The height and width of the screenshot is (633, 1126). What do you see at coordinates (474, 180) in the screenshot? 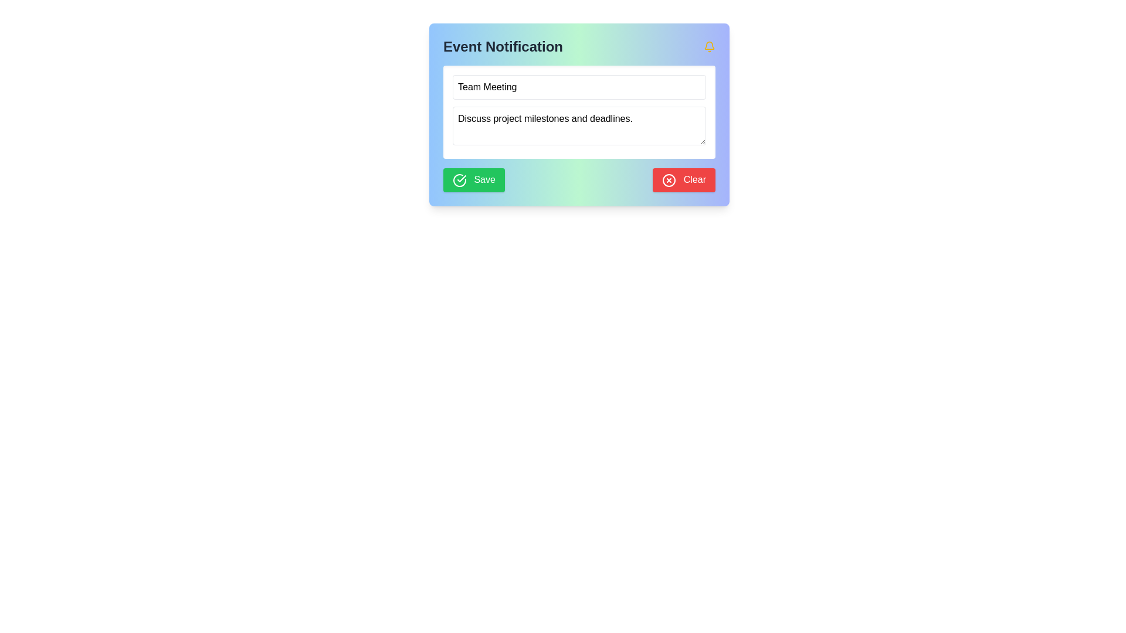
I see `the leftmost button in the notification card` at bounding box center [474, 180].